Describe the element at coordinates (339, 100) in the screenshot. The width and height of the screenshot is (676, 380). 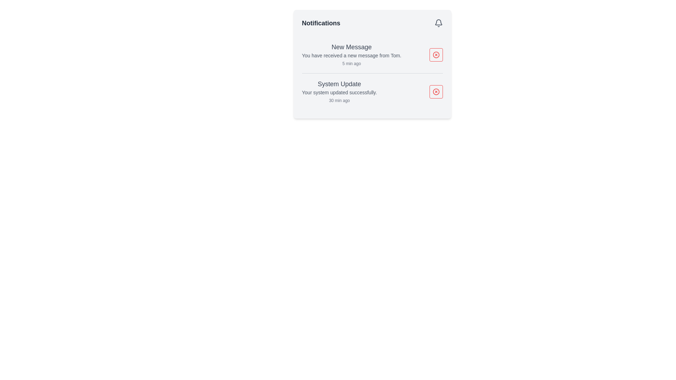
I see `the text label displaying '30 min ago' for accessibility tools` at that location.